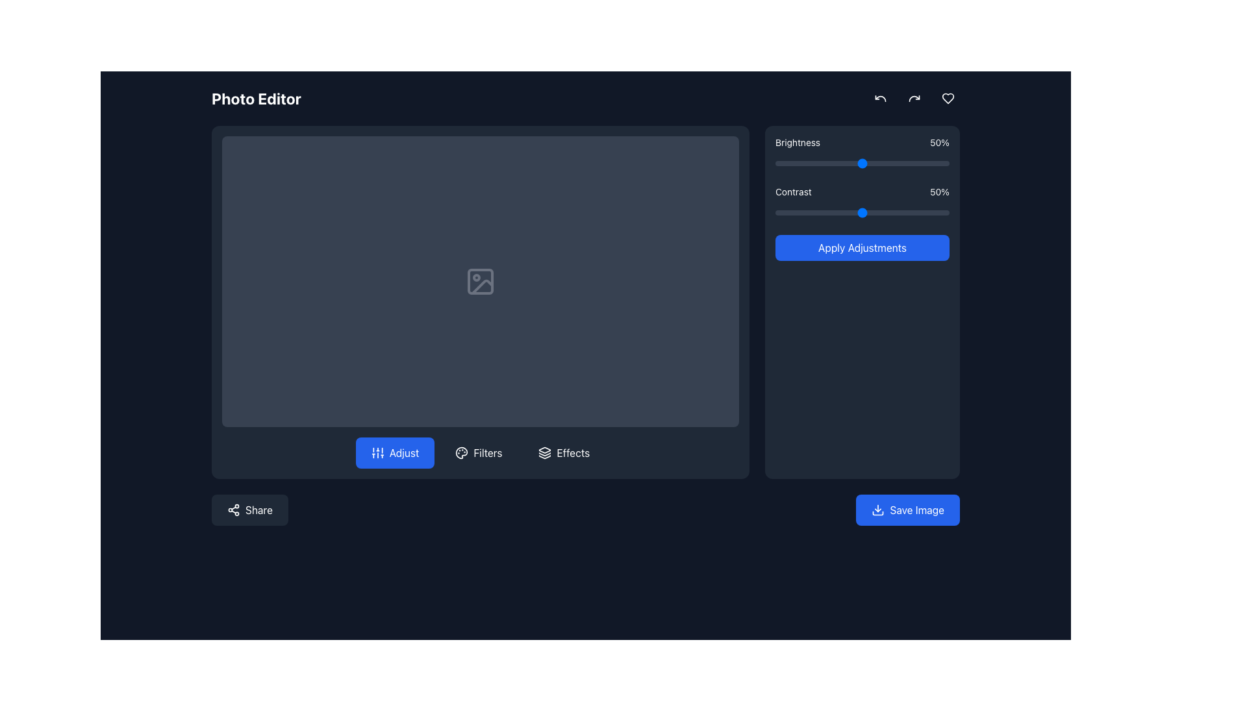 This screenshot has width=1247, height=701. Describe the element at coordinates (863, 212) in the screenshot. I see `the thumb of the horizontal contrast slider located below the 'Contrast' label and '50%' text` at that location.